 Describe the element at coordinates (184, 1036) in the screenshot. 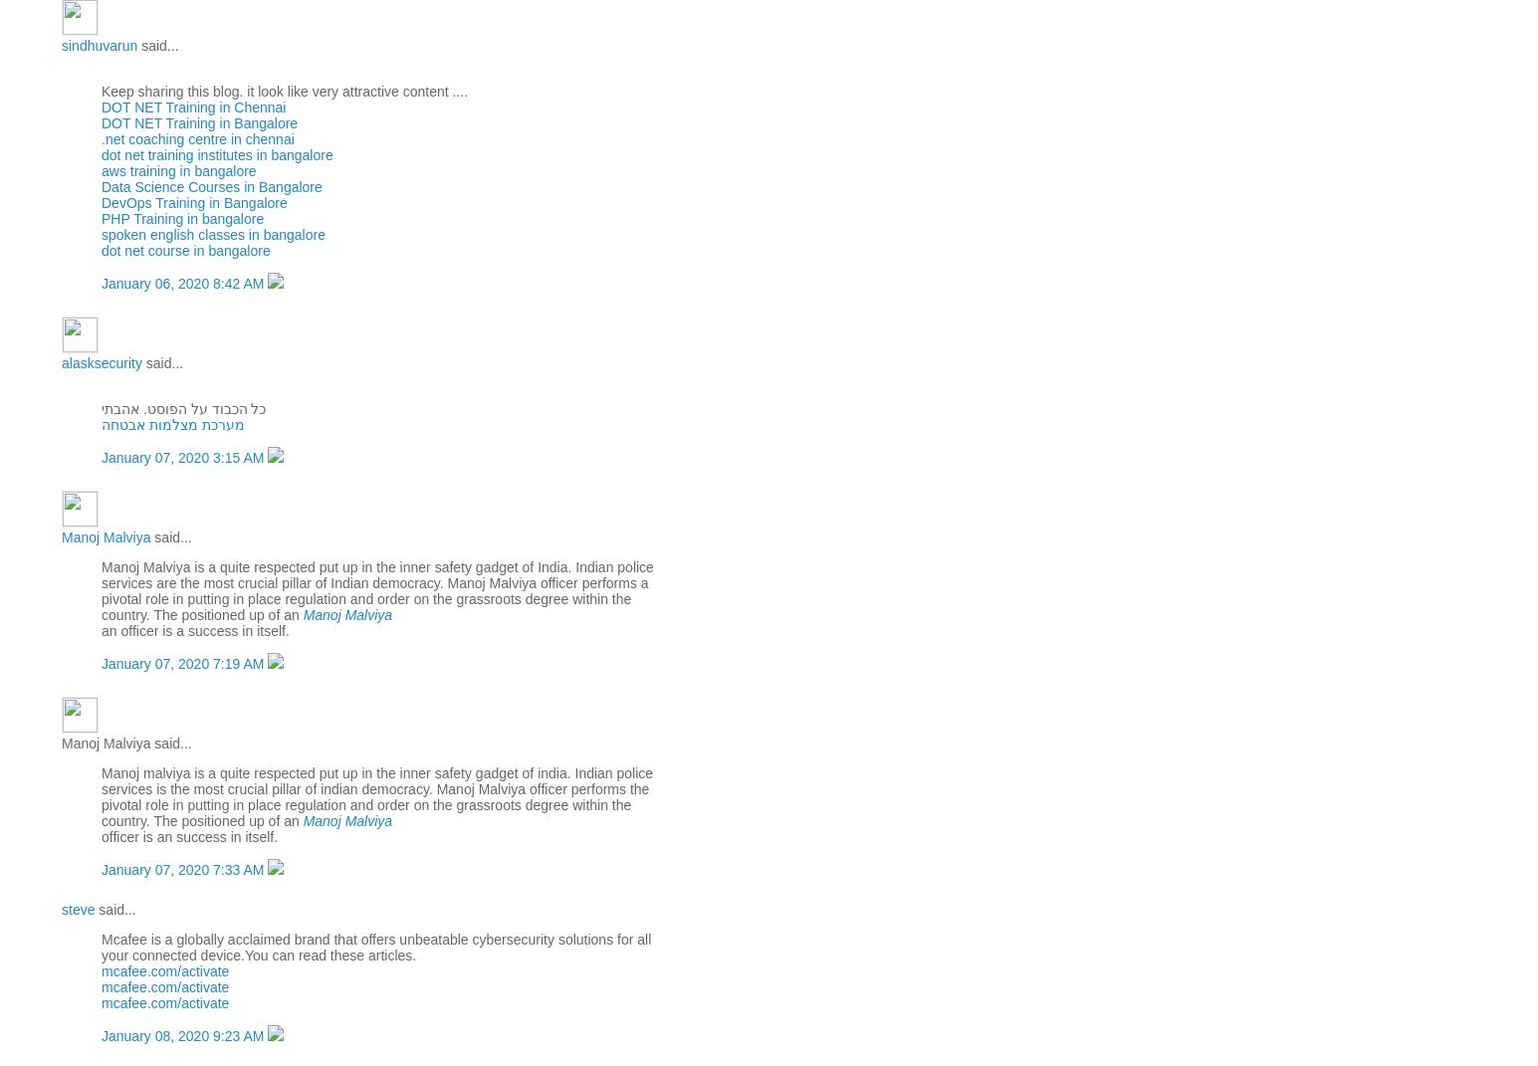

I see `'January 08, 2020 9:23 AM'` at that location.